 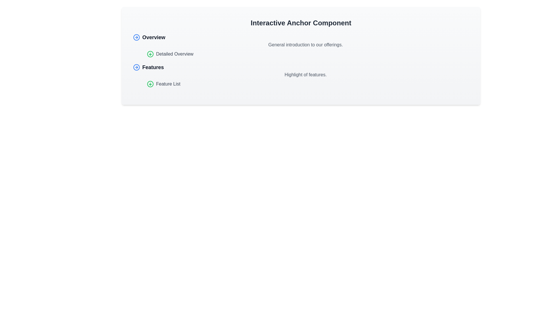 What do you see at coordinates (305, 74) in the screenshot?
I see `the standalone text line that provides a descriptor or summary related to the 'Features' section, located below the 'Features' header and above the 'Feature List' section` at bounding box center [305, 74].